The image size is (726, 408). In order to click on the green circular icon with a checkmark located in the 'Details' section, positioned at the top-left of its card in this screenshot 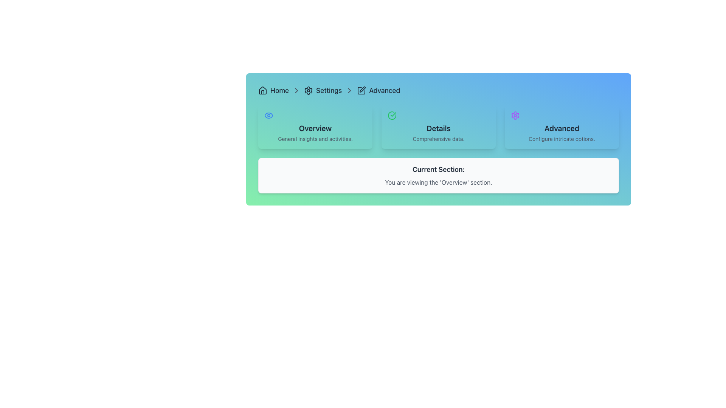, I will do `click(392, 115)`.